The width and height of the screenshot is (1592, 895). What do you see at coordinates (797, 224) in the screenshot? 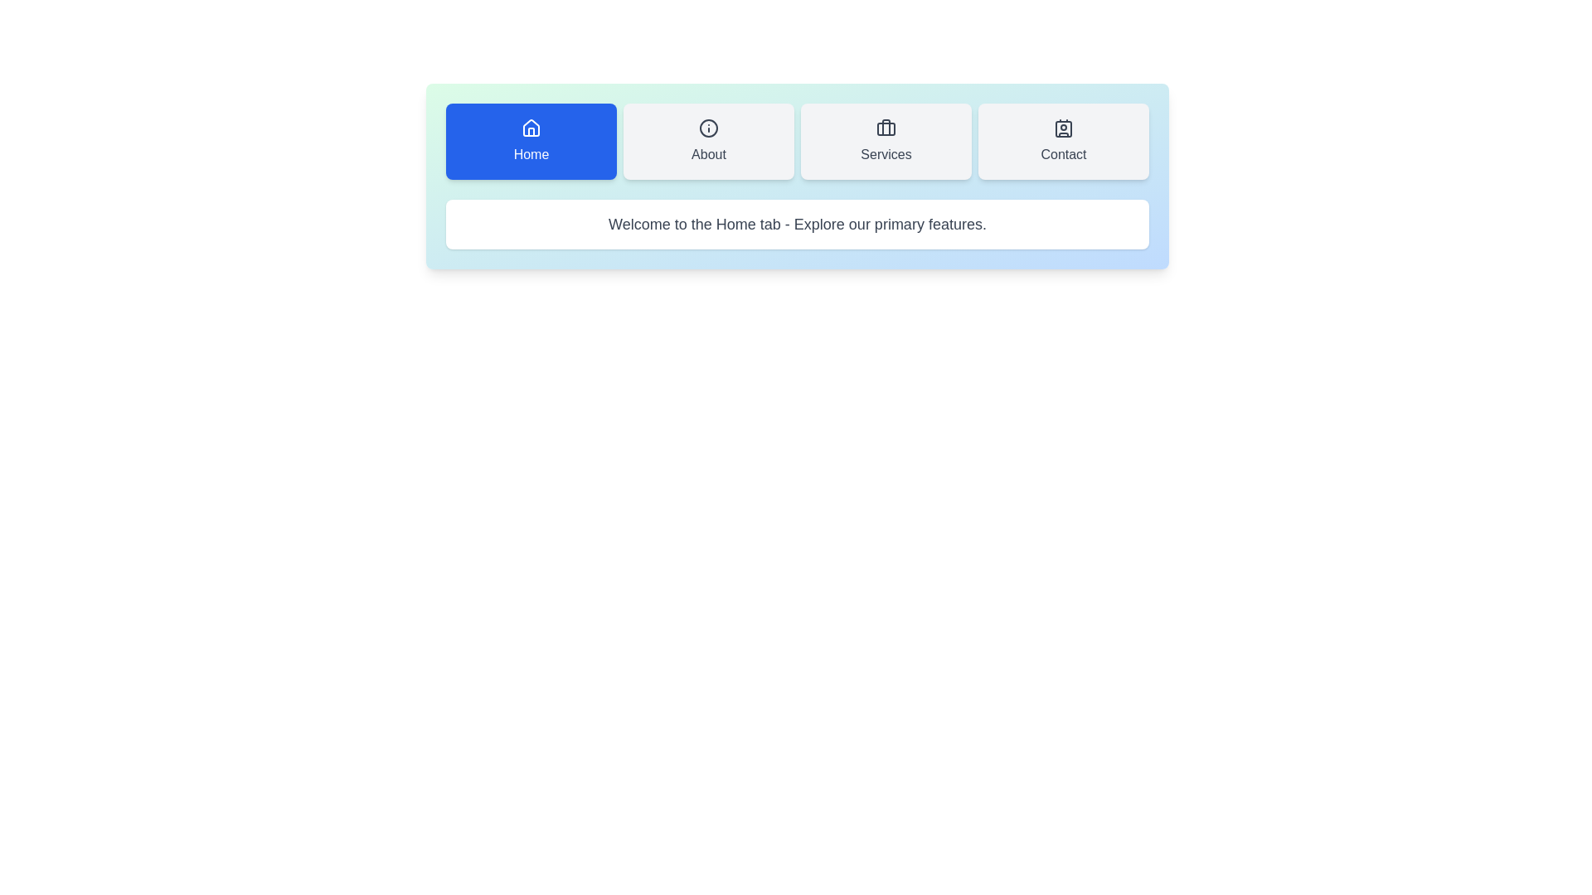
I see `text block that displays the message: 'Welcome to the Home tab - Explore our primary features.' which is styled with a medium font weight and appears in gray color, located centrally beneath the 'Home' navigation tab` at bounding box center [797, 224].